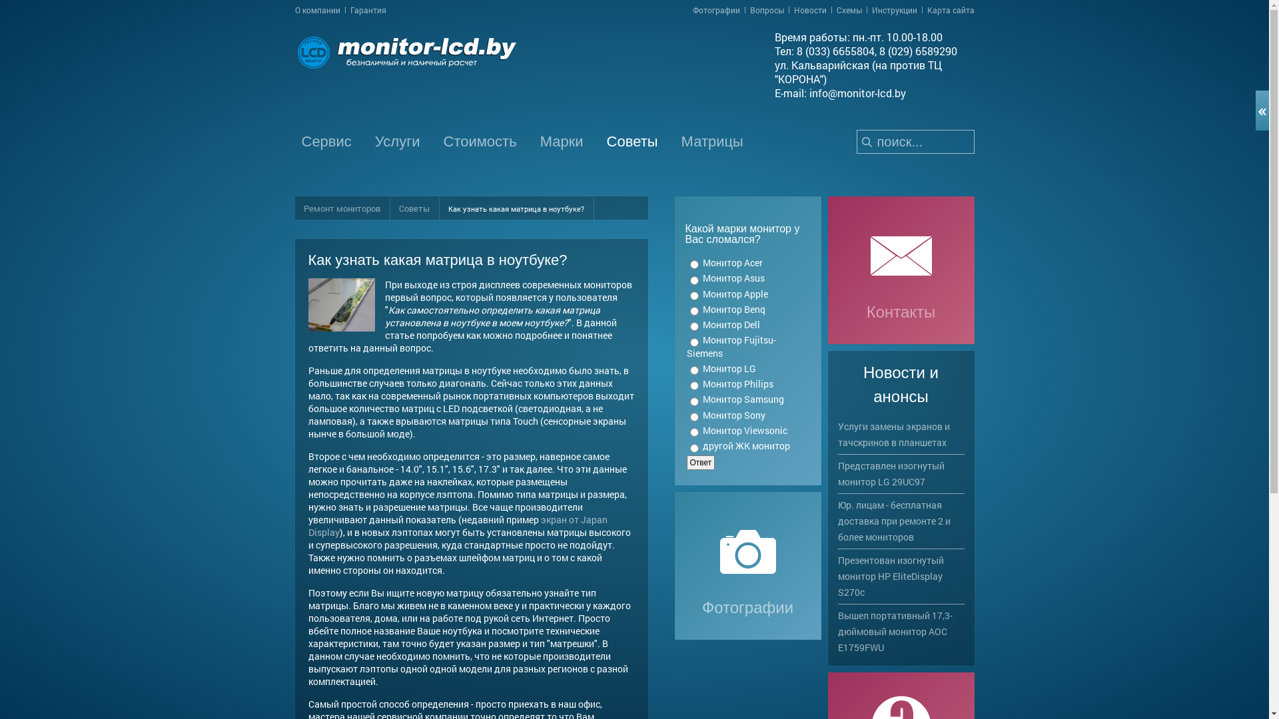  What do you see at coordinates (3, 2) in the screenshot?
I see `'Reset'` at bounding box center [3, 2].